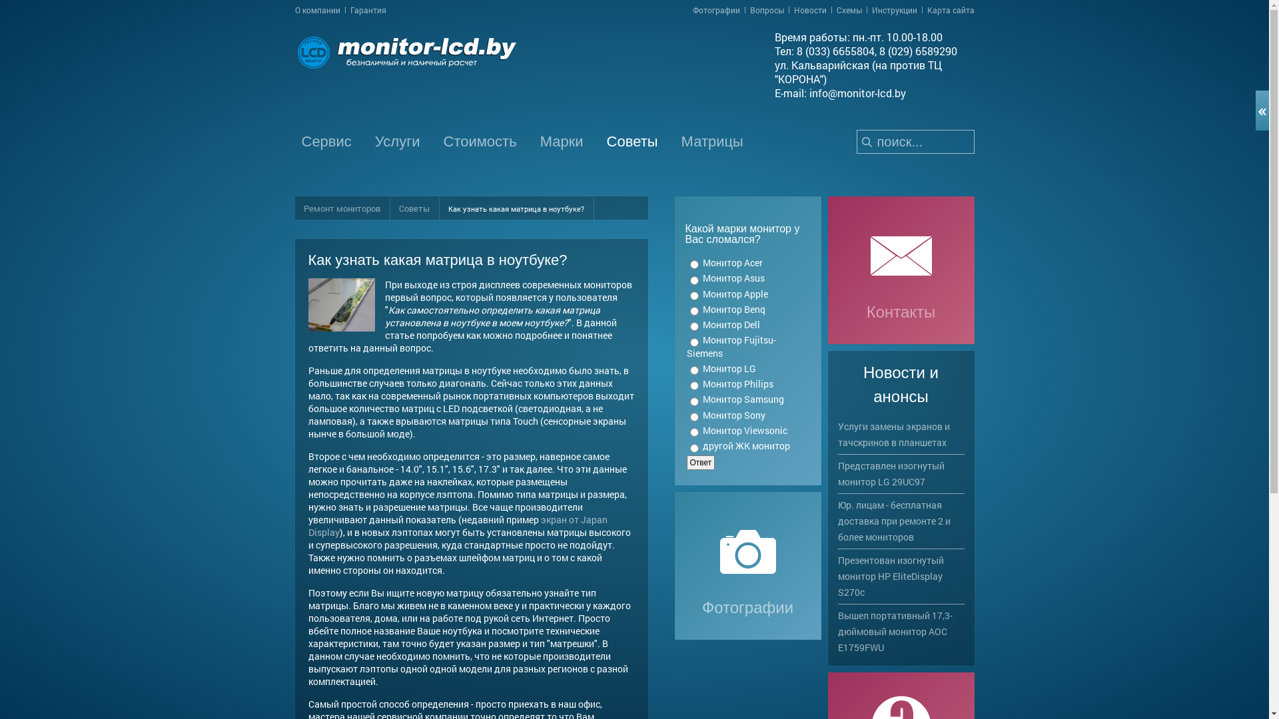  What do you see at coordinates (3, 2) in the screenshot?
I see `'Reset'` at bounding box center [3, 2].